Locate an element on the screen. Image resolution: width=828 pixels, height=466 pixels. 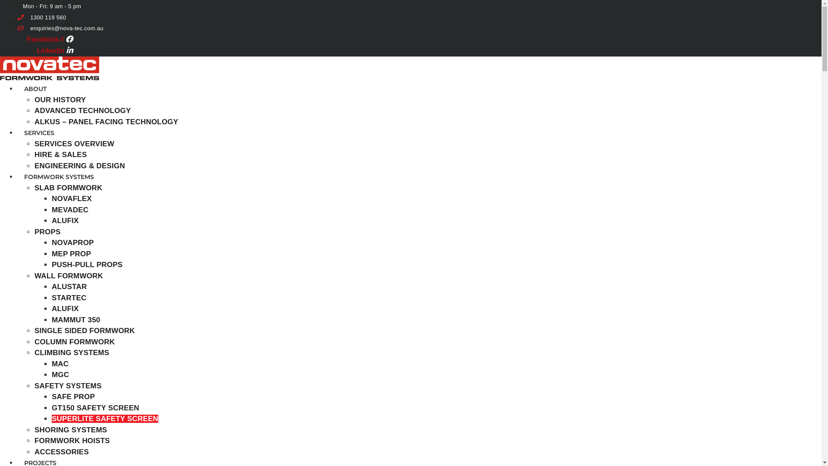
'ADVANCED TECHNOLOGY' is located at coordinates (83, 110).